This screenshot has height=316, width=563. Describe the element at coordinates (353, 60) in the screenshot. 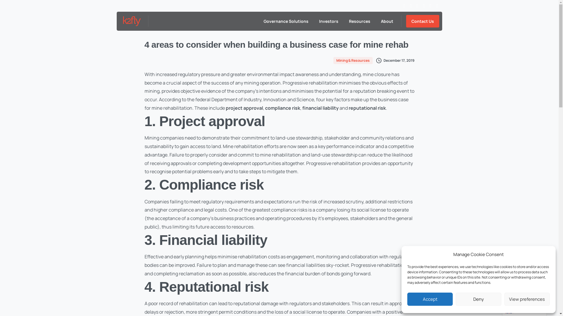

I see `'Mining & Resources'` at that location.